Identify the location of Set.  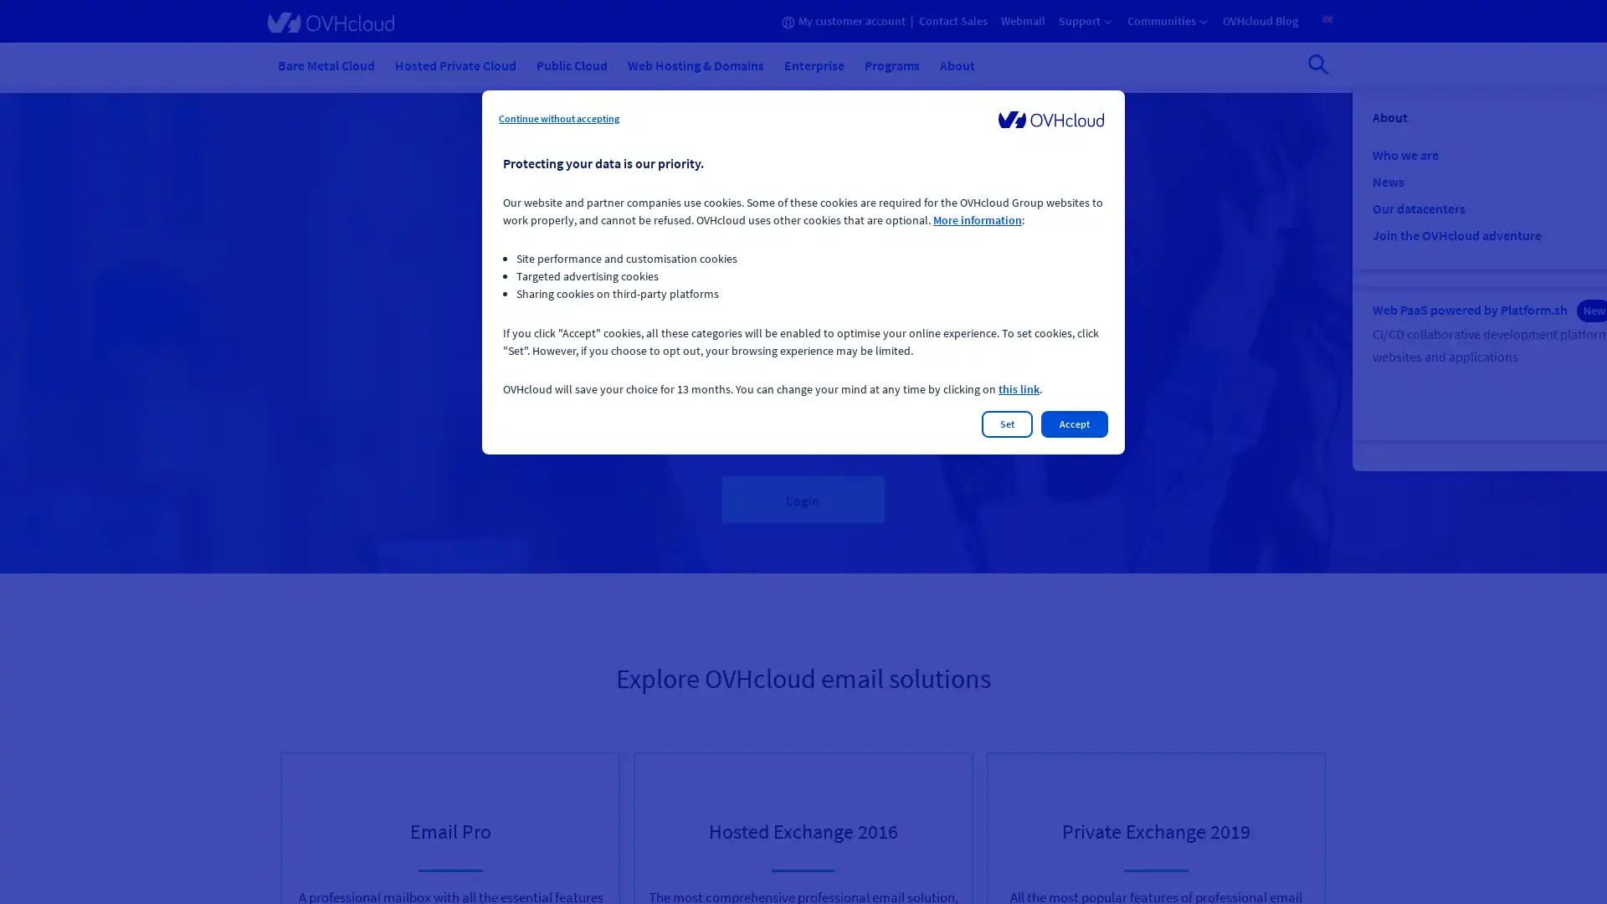
(1006, 423).